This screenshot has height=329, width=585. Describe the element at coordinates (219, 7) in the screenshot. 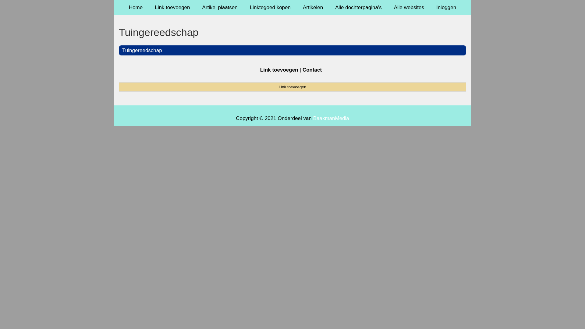

I see `'Artikel plaatsen'` at that location.